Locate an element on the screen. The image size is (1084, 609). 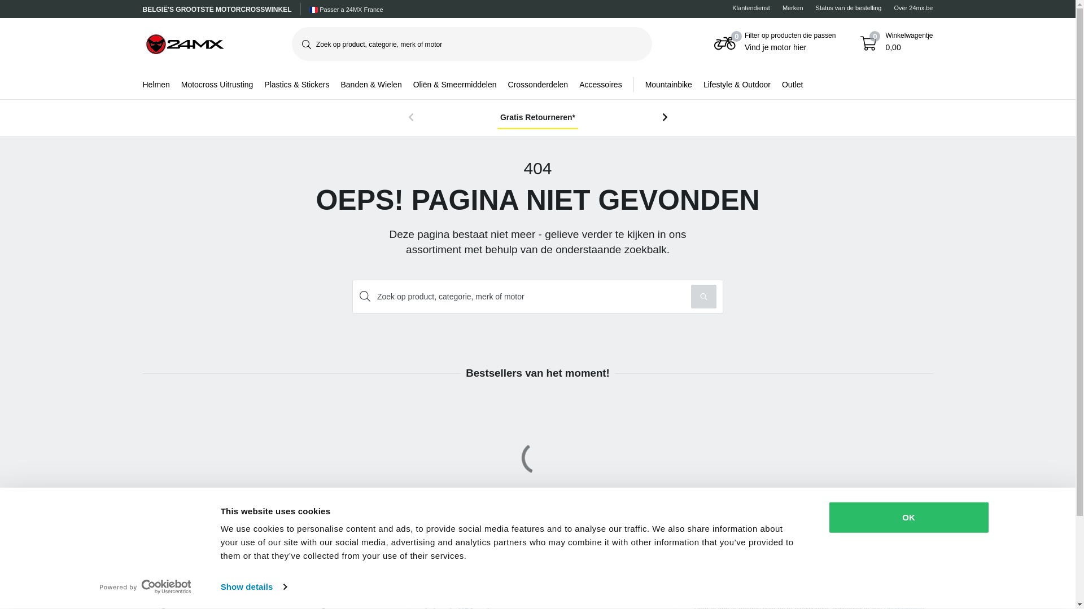
'OK' is located at coordinates (908, 518).